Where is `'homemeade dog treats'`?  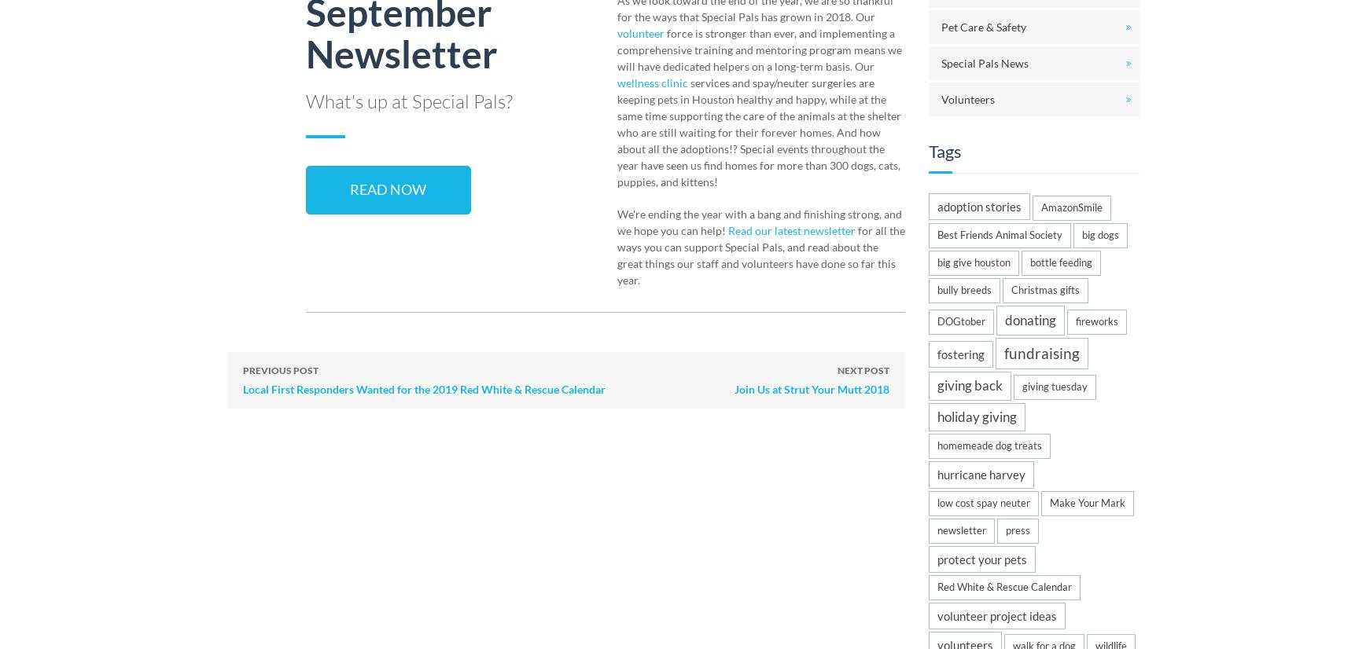 'homemeade dog treats' is located at coordinates (989, 444).